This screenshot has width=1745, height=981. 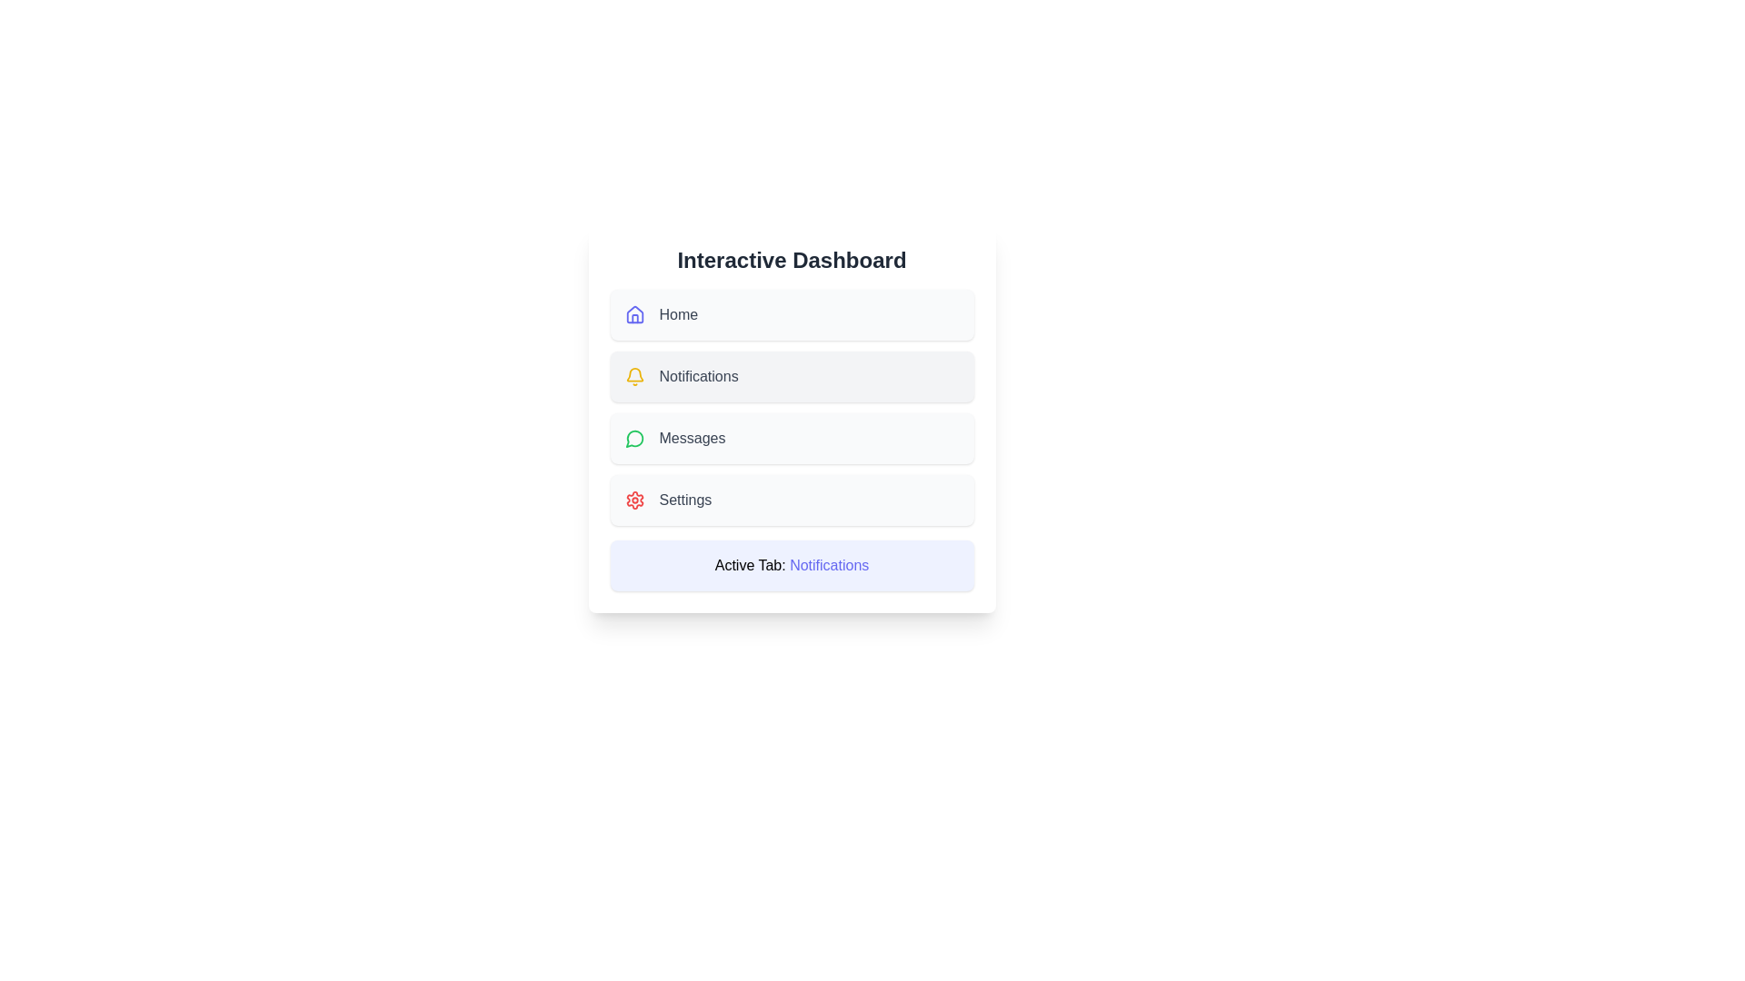 What do you see at coordinates (792, 314) in the screenshot?
I see `the menu button labeled Home` at bounding box center [792, 314].